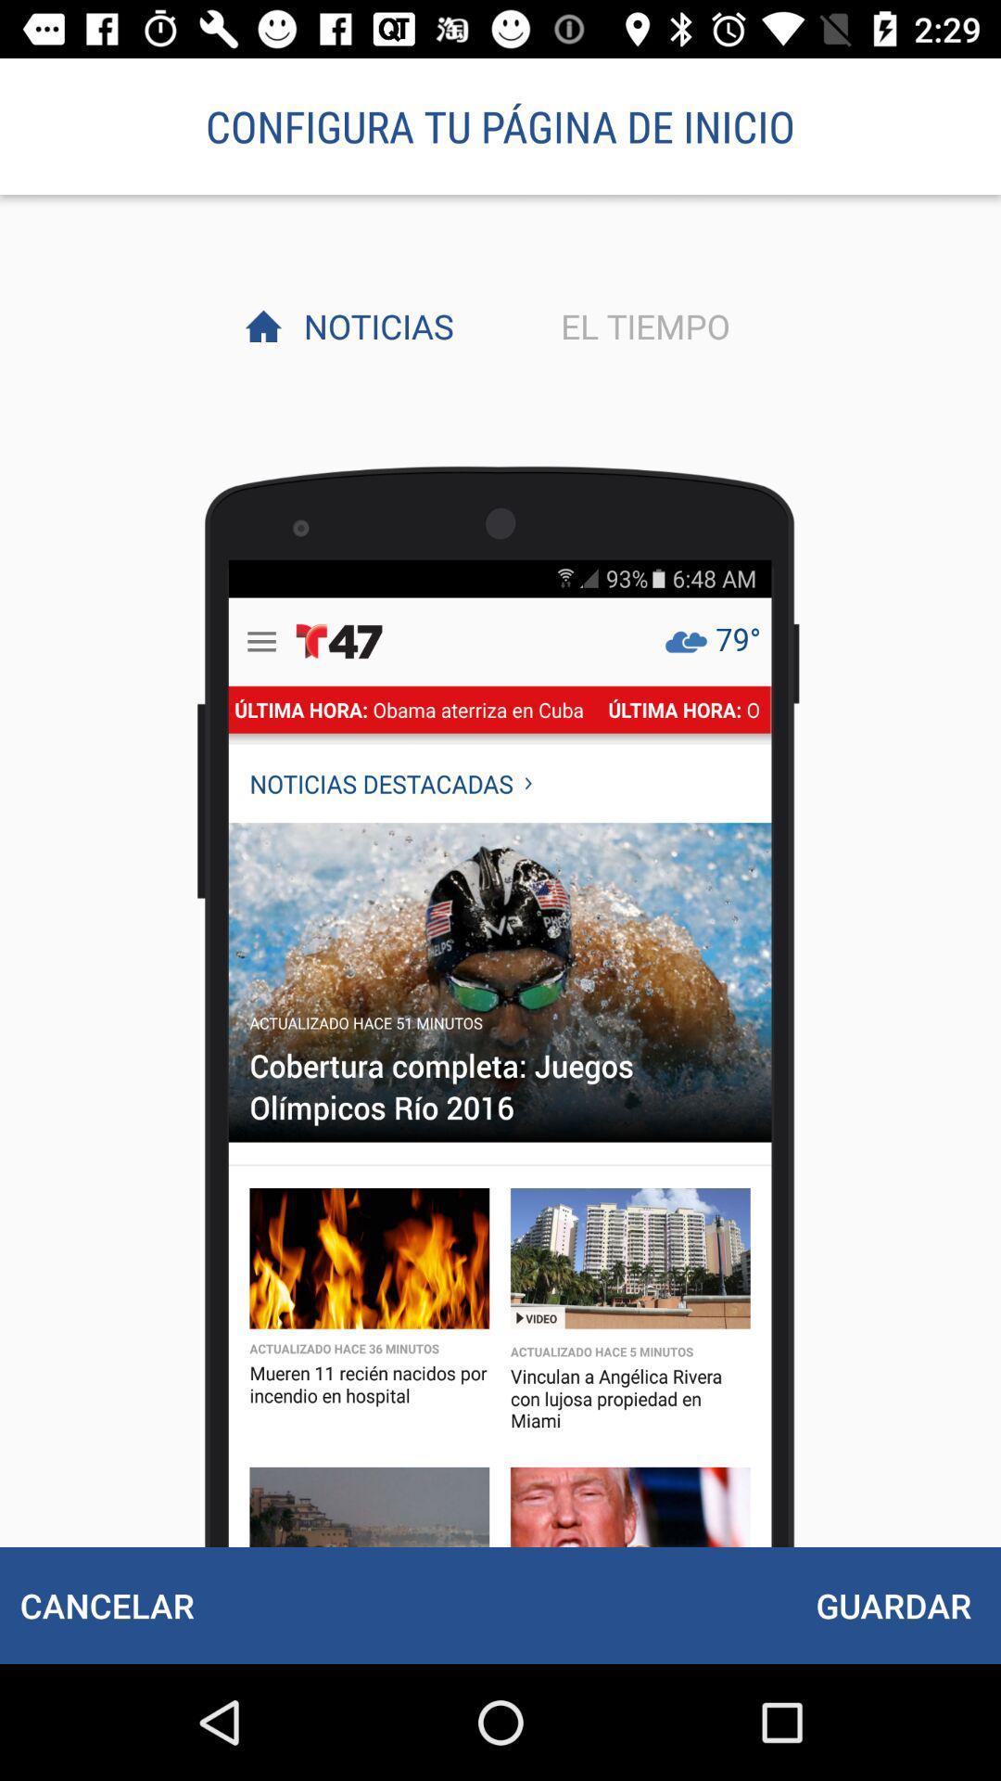  Describe the element at coordinates (893, 1605) in the screenshot. I see `icon next to the cancelar item` at that location.